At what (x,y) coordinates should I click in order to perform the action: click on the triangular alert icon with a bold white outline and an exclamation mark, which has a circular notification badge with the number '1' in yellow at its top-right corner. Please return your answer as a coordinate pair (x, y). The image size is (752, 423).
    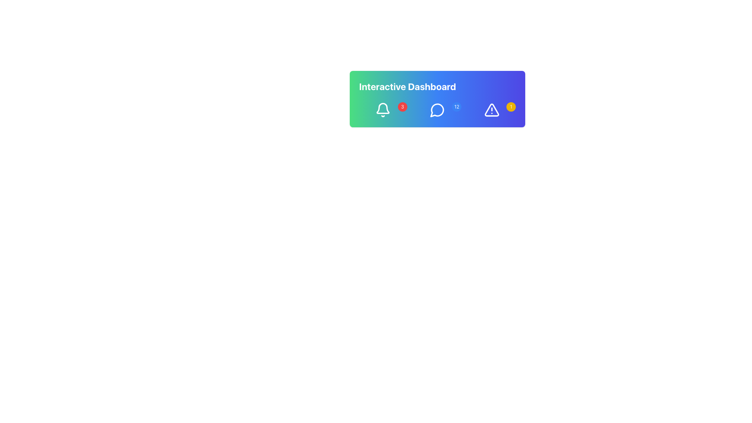
    Looking at the image, I should click on (491, 110).